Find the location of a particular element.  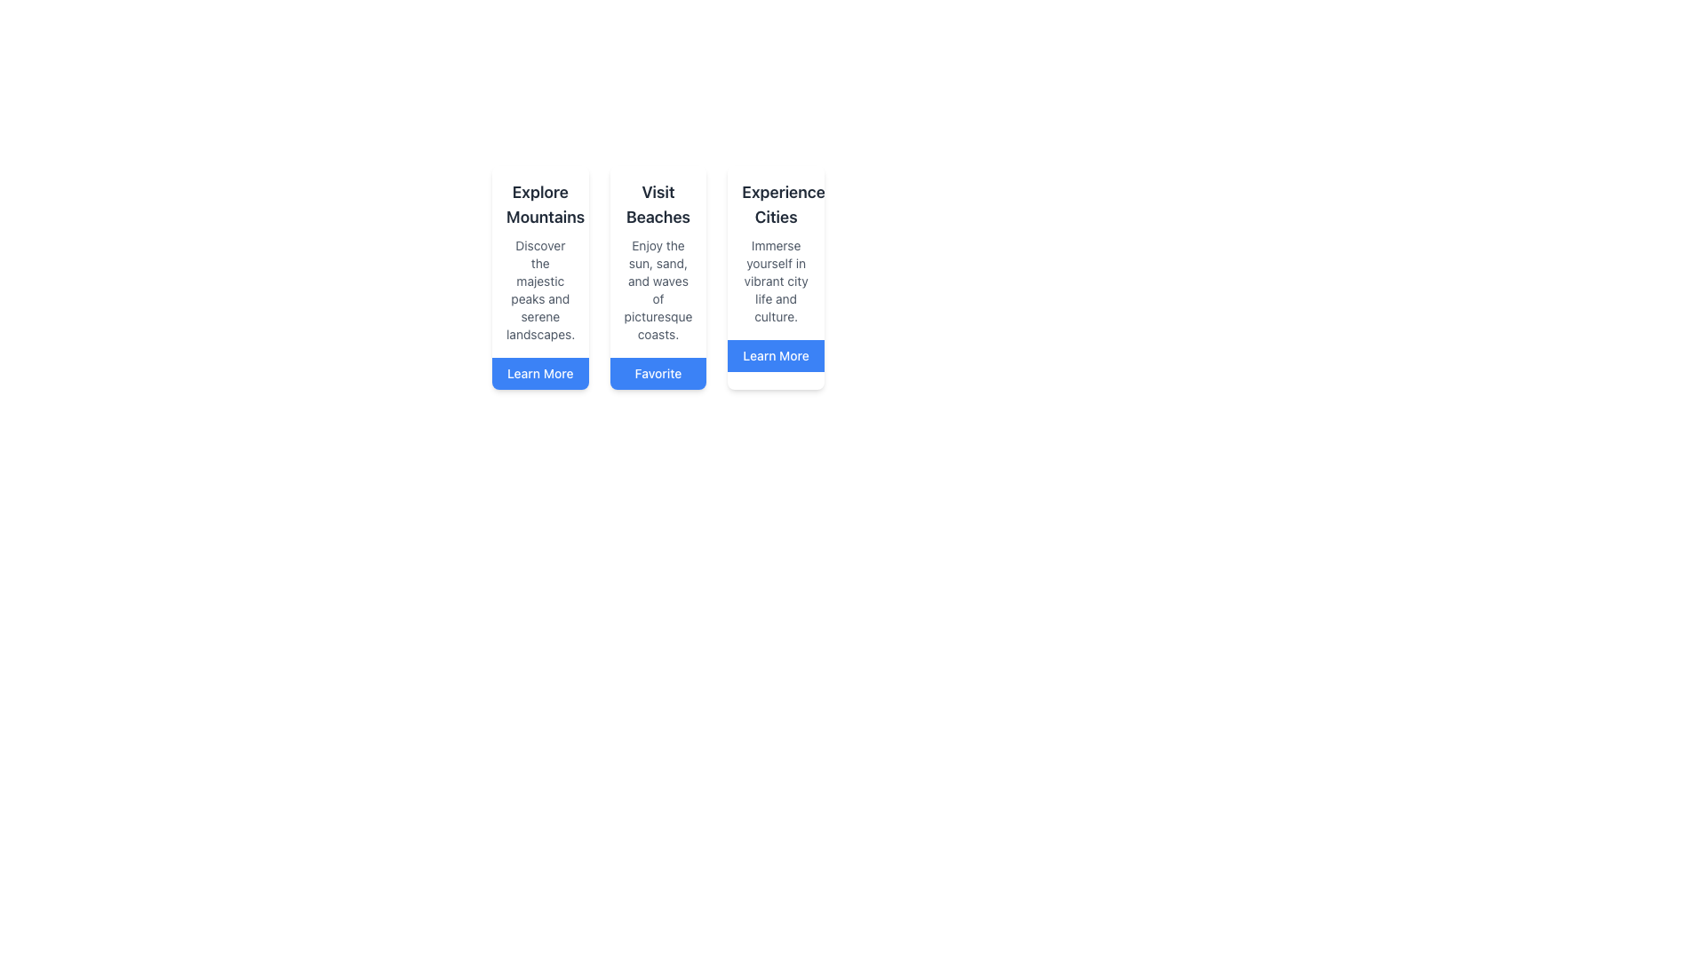

title text of the leftmost card, which is positioned at the top center and serves as an introduction to the card's theme is located at coordinates (539, 204).